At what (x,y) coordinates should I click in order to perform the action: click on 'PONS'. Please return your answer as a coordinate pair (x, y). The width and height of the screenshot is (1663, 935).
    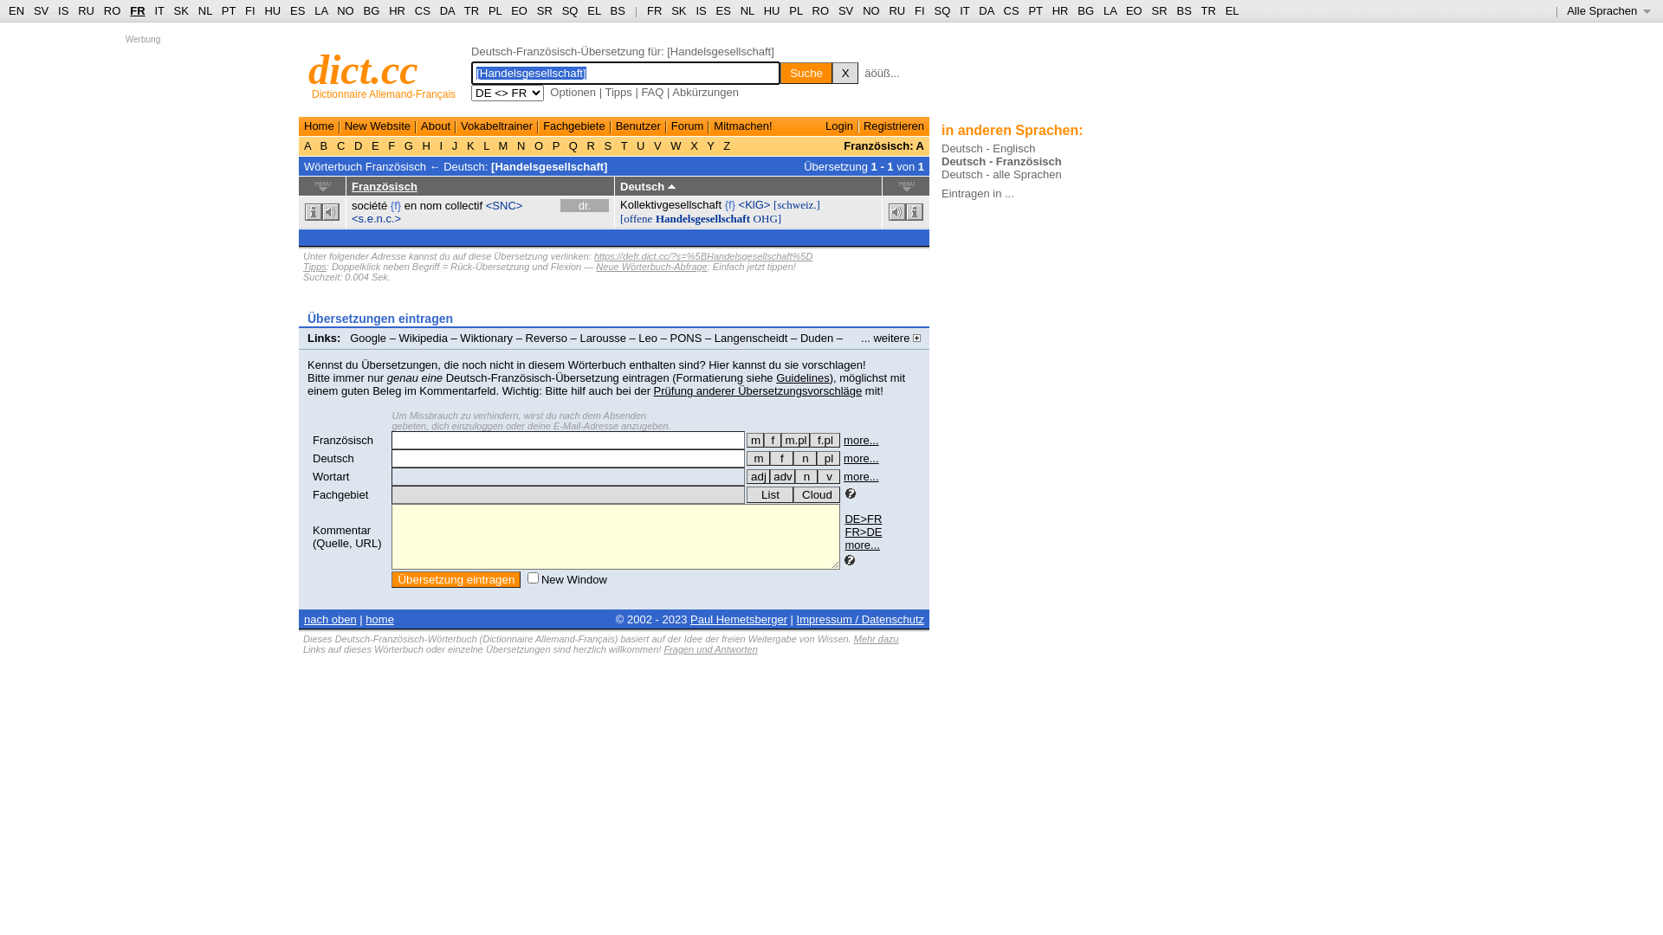
    Looking at the image, I should click on (685, 338).